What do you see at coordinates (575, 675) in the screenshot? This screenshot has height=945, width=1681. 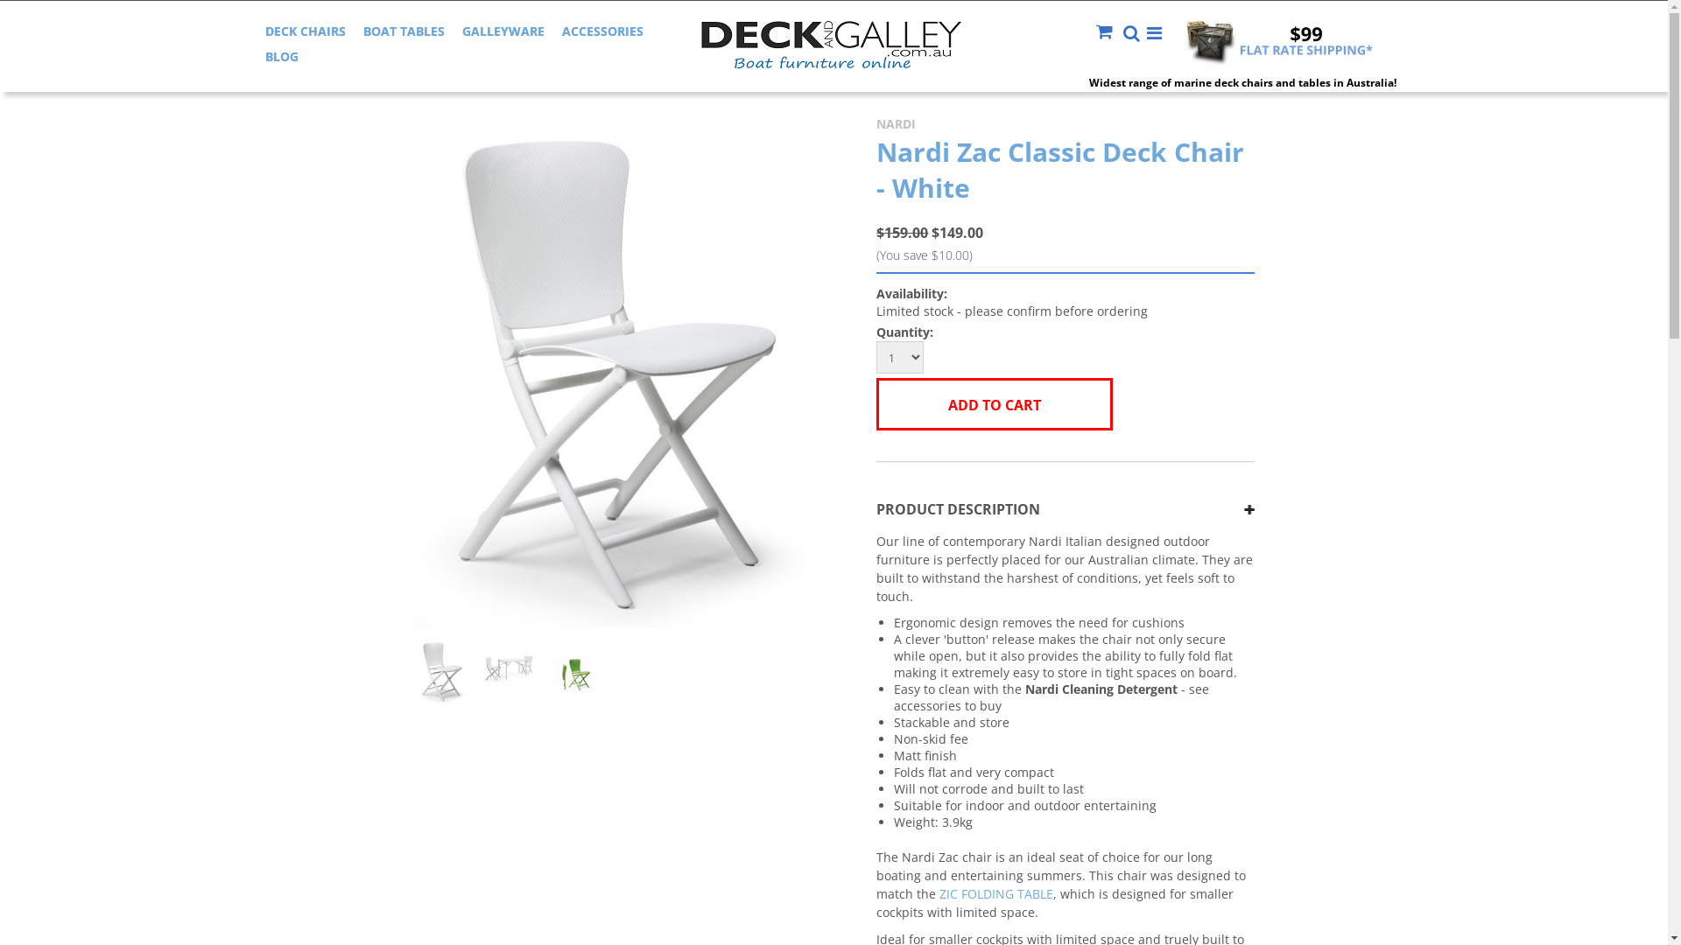 I see `'0'` at bounding box center [575, 675].